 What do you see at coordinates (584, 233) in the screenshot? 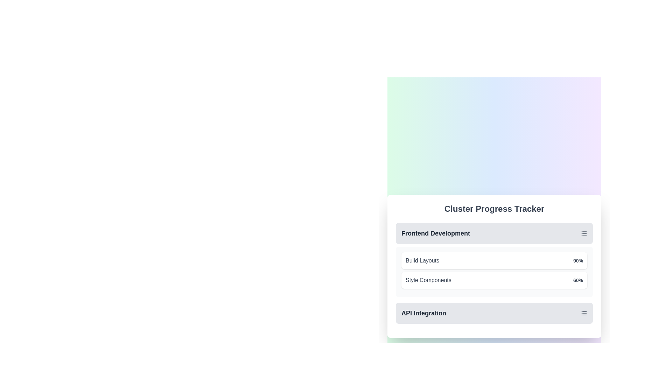
I see `the list icon element located on the right side of the 'Frontend Development' section for keyboard navigation` at bounding box center [584, 233].